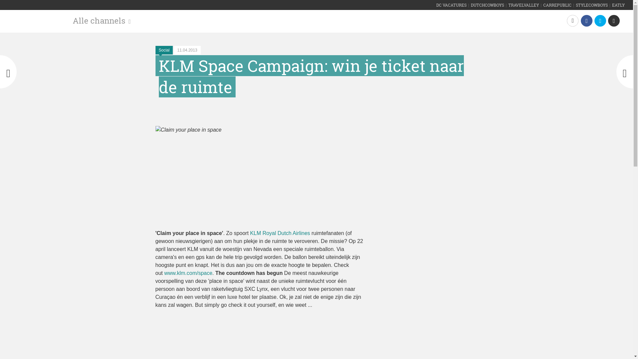  What do you see at coordinates (280, 233) in the screenshot?
I see `'KLM Royal Dutch Airlines'` at bounding box center [280, 233].